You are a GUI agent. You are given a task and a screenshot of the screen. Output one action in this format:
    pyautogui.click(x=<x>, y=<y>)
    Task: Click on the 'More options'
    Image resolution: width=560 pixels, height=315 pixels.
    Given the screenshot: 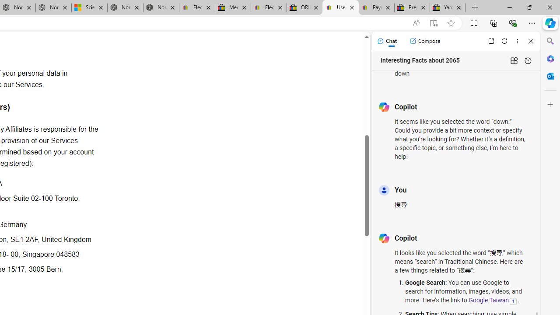 What is the action you would take?
    pyautogui.click(x=517, y=41)
    